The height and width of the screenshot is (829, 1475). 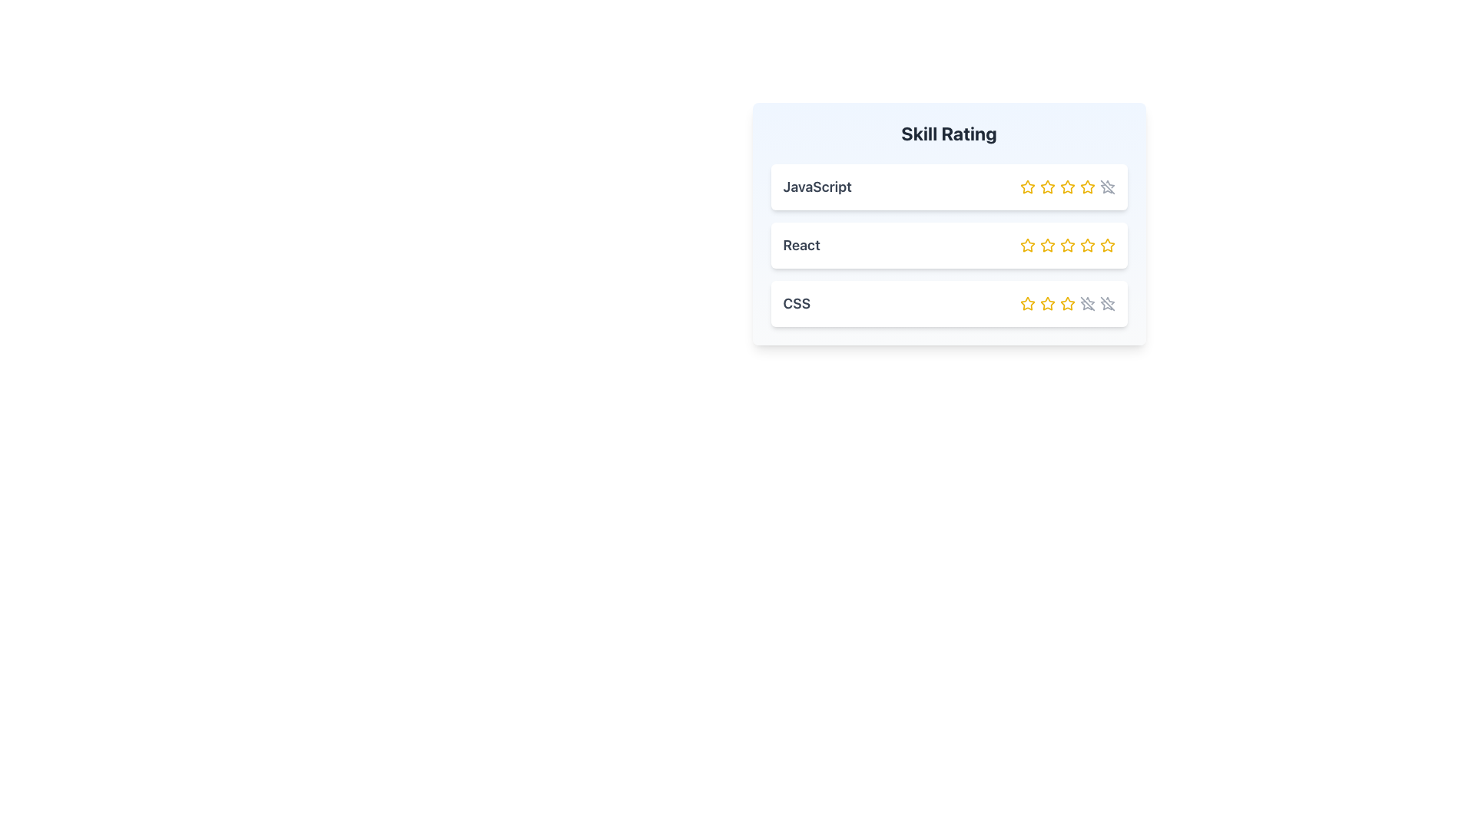 I want to click on the yellow star rating icon located in the first position of the rating section for the 'CSS' skill in the skill rating grid, so click(x=1027, y=304).